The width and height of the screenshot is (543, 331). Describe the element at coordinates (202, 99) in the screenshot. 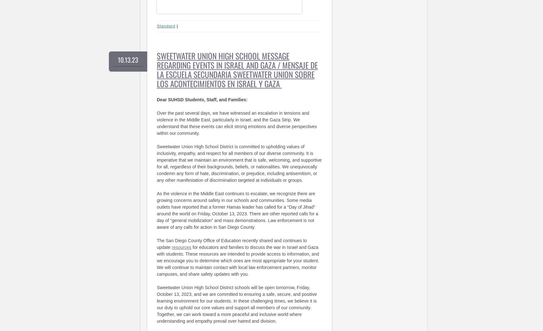

I see `'Dear SUHSD Students, Staff, and Families:'` at that location.